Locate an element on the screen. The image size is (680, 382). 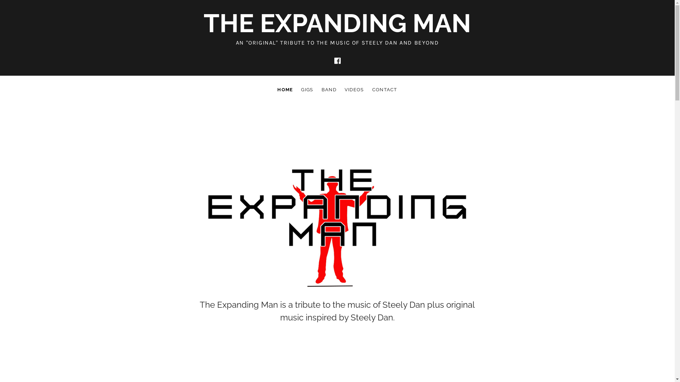
'Facebook' is located at coordinates (336, 60).